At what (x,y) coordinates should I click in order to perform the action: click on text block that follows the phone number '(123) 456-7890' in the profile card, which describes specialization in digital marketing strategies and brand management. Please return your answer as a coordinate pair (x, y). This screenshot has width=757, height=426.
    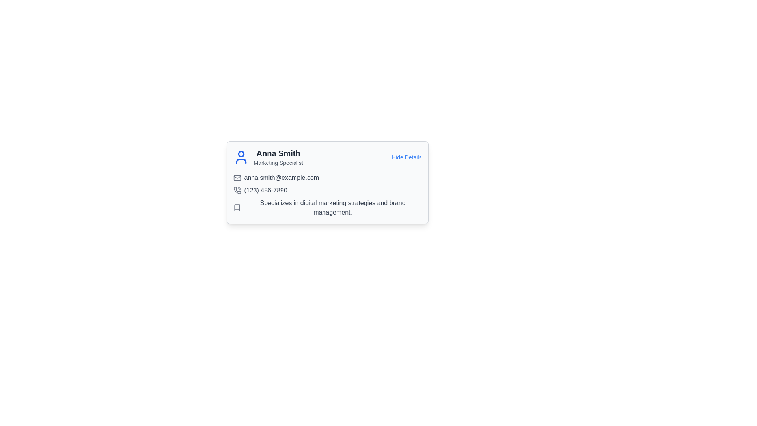
    Looking at the image, I should click on (327, 207).